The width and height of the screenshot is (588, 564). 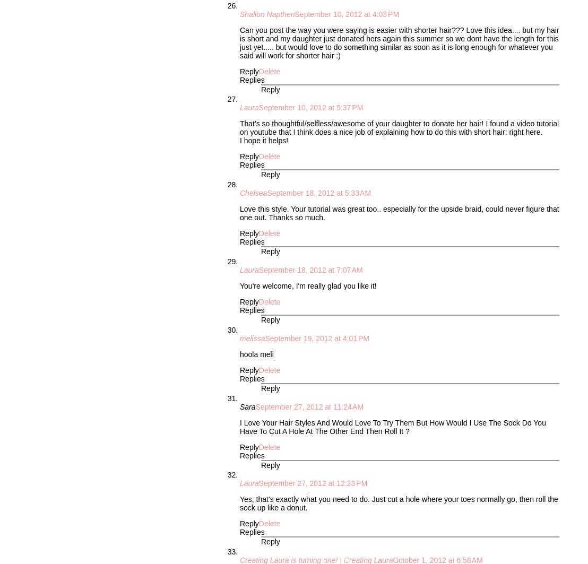 What do you see at coordinates (318, 193) in the screenshot?
I see `'September 18, 2012 at 5:33 AM'` at bounding box center [318, 193].